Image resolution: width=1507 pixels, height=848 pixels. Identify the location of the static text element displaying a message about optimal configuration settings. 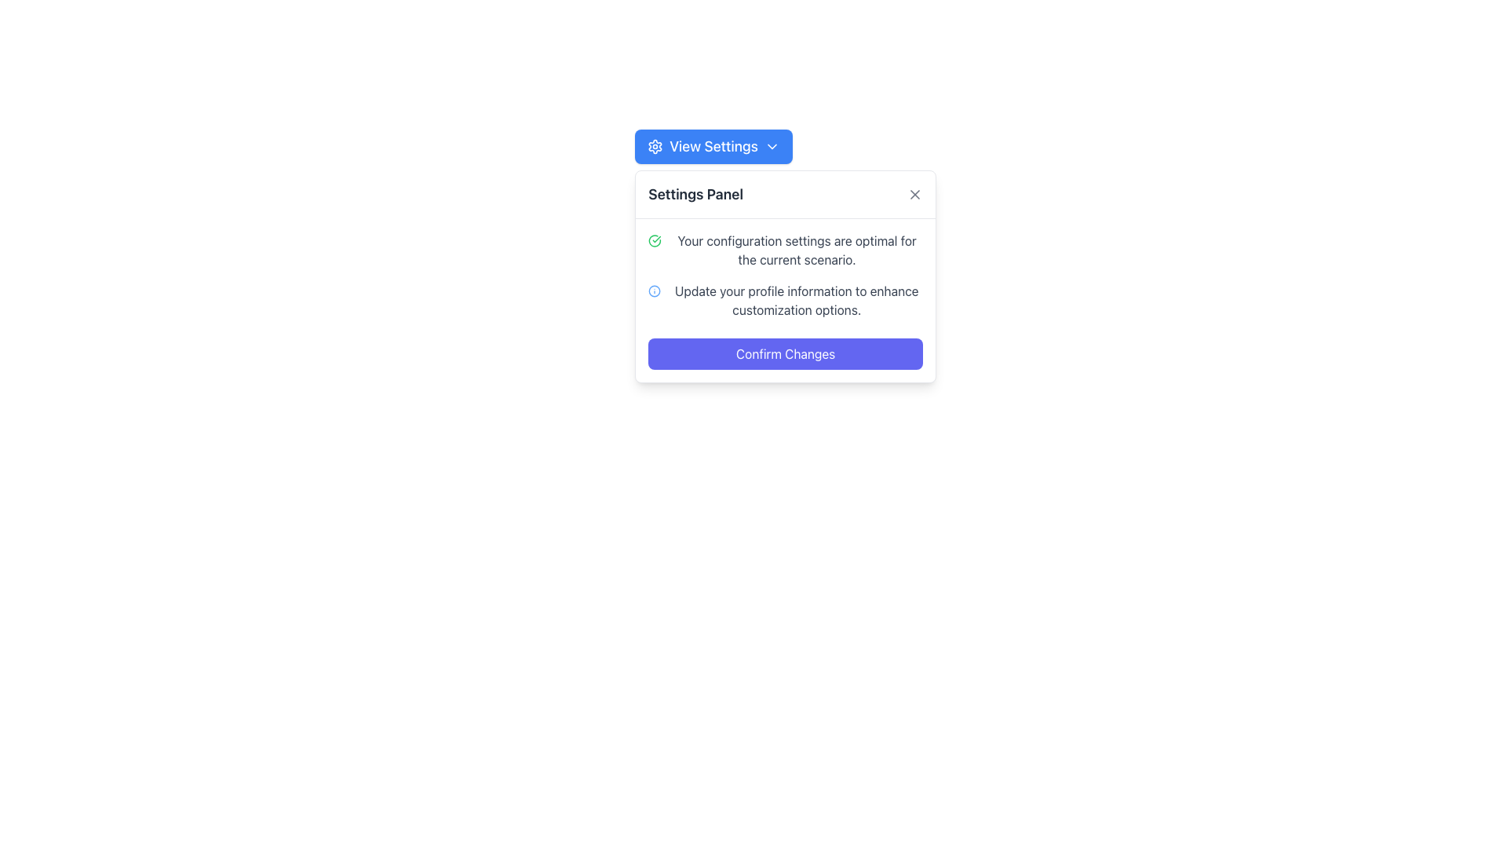
(786, 250).